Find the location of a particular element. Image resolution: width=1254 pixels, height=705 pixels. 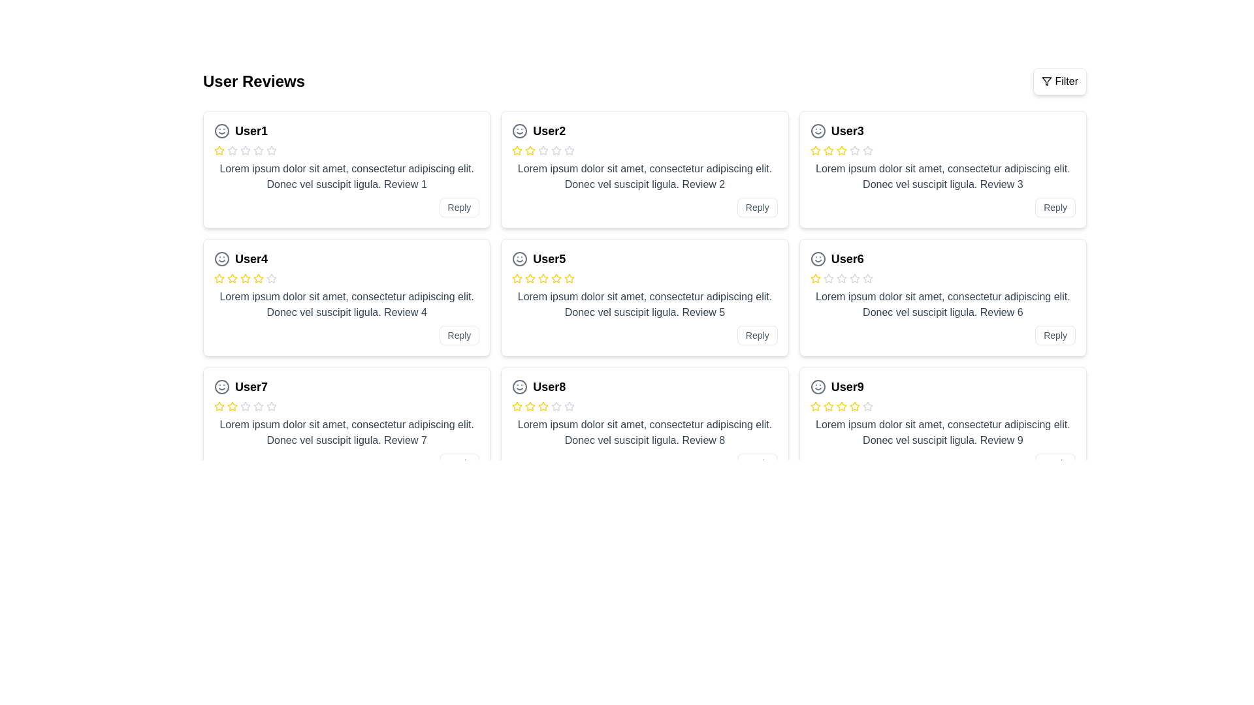

the second star in the series of five stars in the user review card for 'User9', which is filled with a yellow color to indicate an active rating is located at coordinates (828, 405).